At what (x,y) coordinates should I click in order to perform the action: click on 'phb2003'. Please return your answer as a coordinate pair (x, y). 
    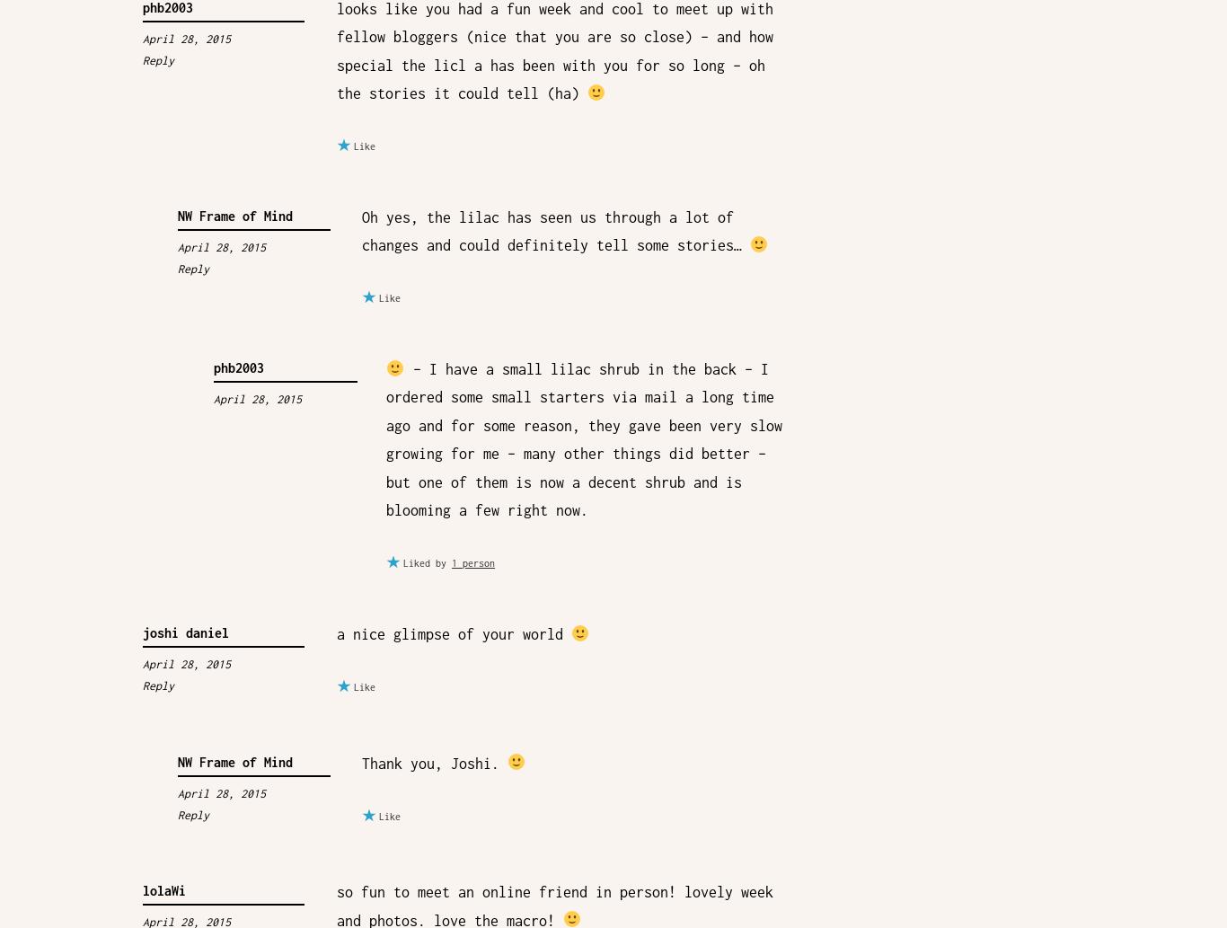
    Looking at the image, I should click on (213, 367).